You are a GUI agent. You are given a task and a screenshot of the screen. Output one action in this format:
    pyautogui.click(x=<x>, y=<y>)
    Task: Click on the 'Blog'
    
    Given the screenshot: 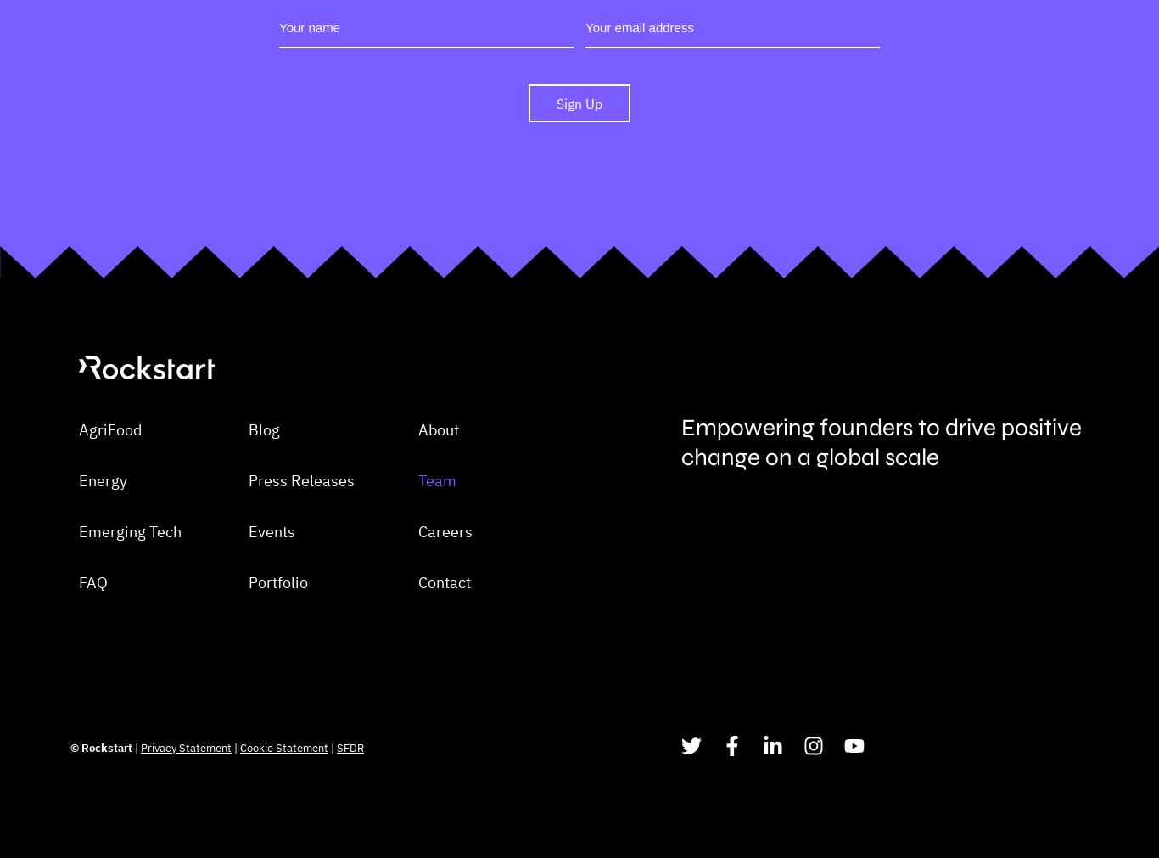 What is the action you would take?
    pyautogui.click(x=263, y=513)
    